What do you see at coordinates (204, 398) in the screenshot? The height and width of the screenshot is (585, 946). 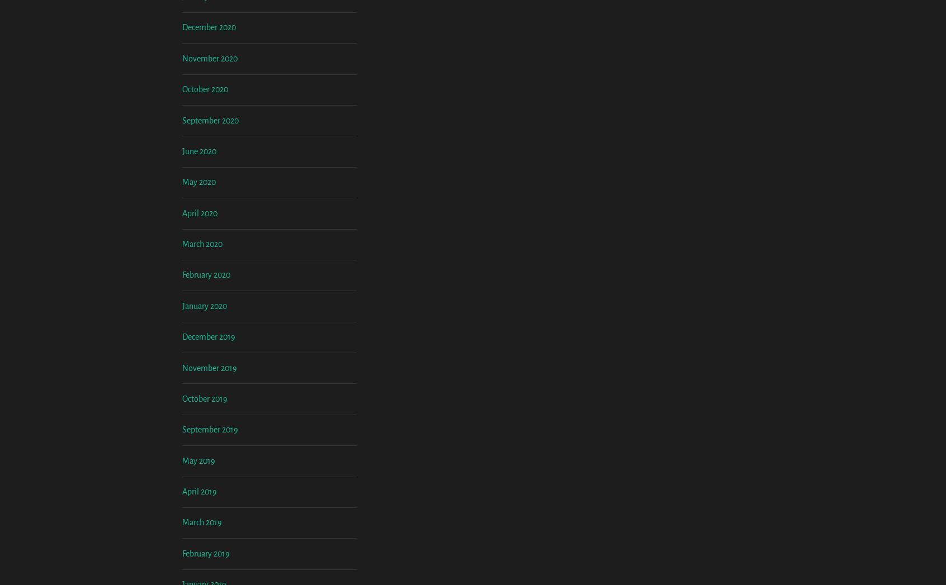 I see `'January 2020'` at bounding box center [204, 398].